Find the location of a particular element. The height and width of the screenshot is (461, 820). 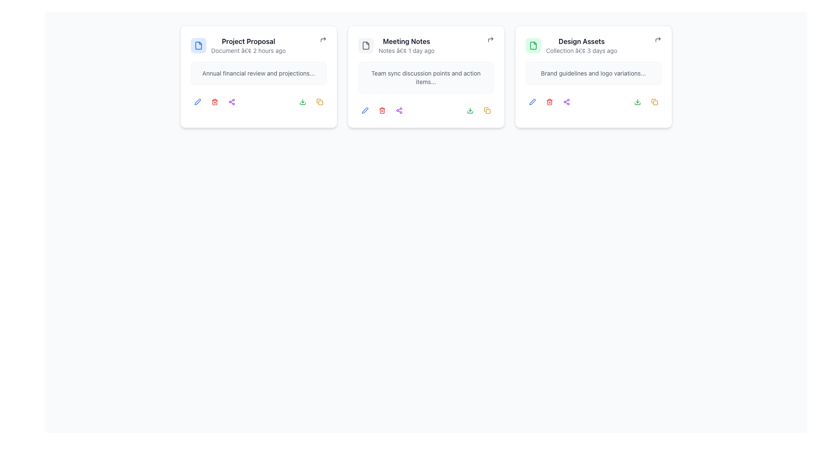

the green download button with a downward arrow icon located at the bottom-right of the 'Design Assets' card to initiate a download is located at coordinates (637, 102).